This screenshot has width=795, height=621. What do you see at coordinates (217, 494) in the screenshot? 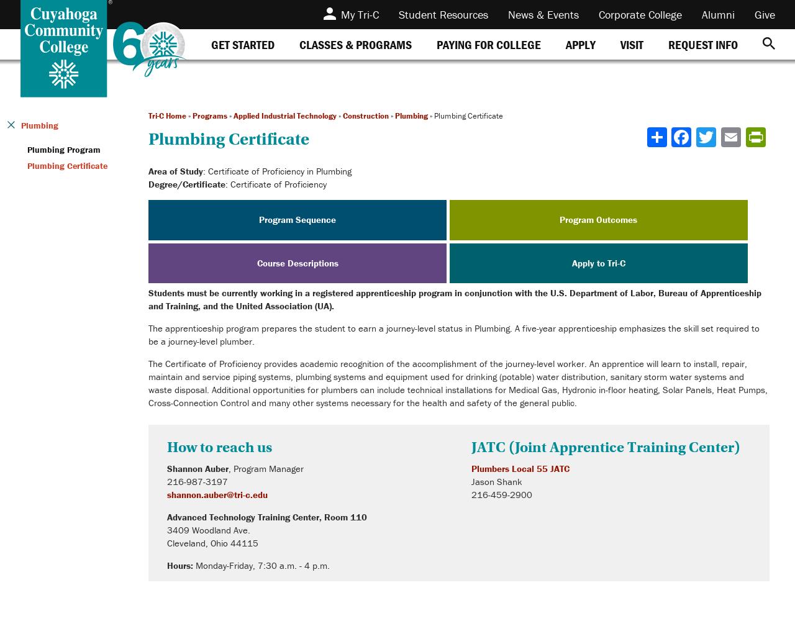
I see `'shannon.auber@tri-c.edu'` at bounding box center [217, 494].